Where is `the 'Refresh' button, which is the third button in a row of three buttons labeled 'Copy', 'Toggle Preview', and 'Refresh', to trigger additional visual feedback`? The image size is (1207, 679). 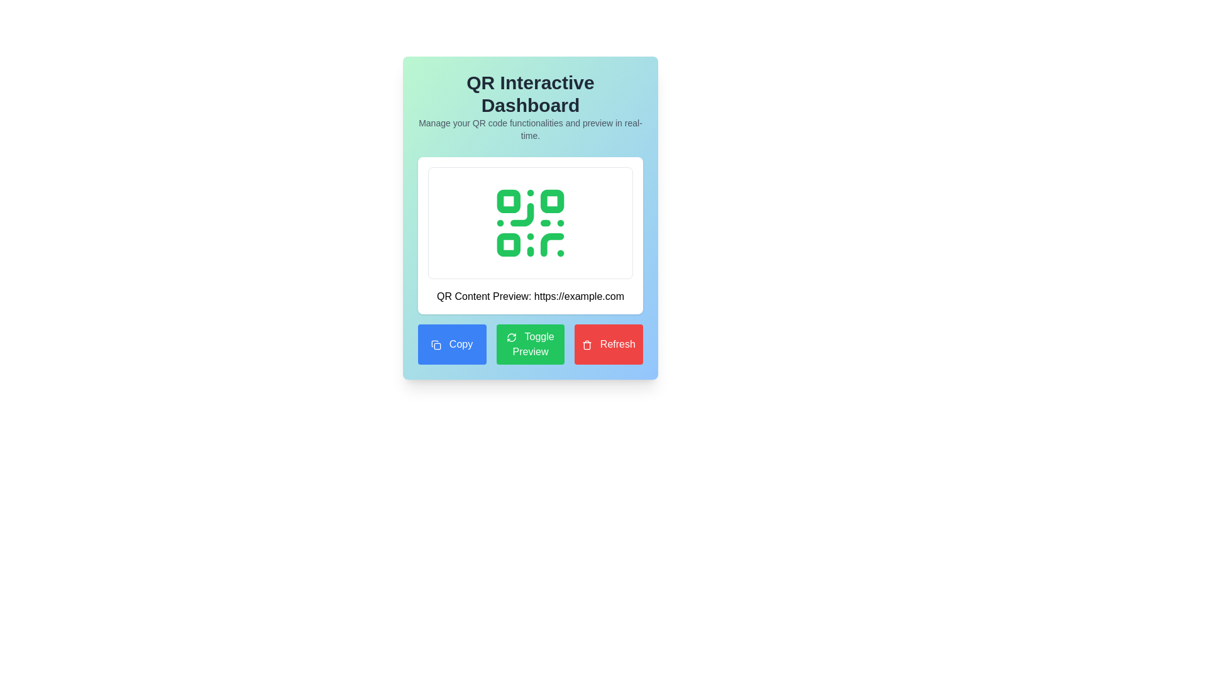
the 'Refresh' button, which is the third button in a row of three buttons labeled 'Copy', 'Toggle Preview', and 'Refresh', to trigger additional visual feedback is located at coordinates (609, 344).